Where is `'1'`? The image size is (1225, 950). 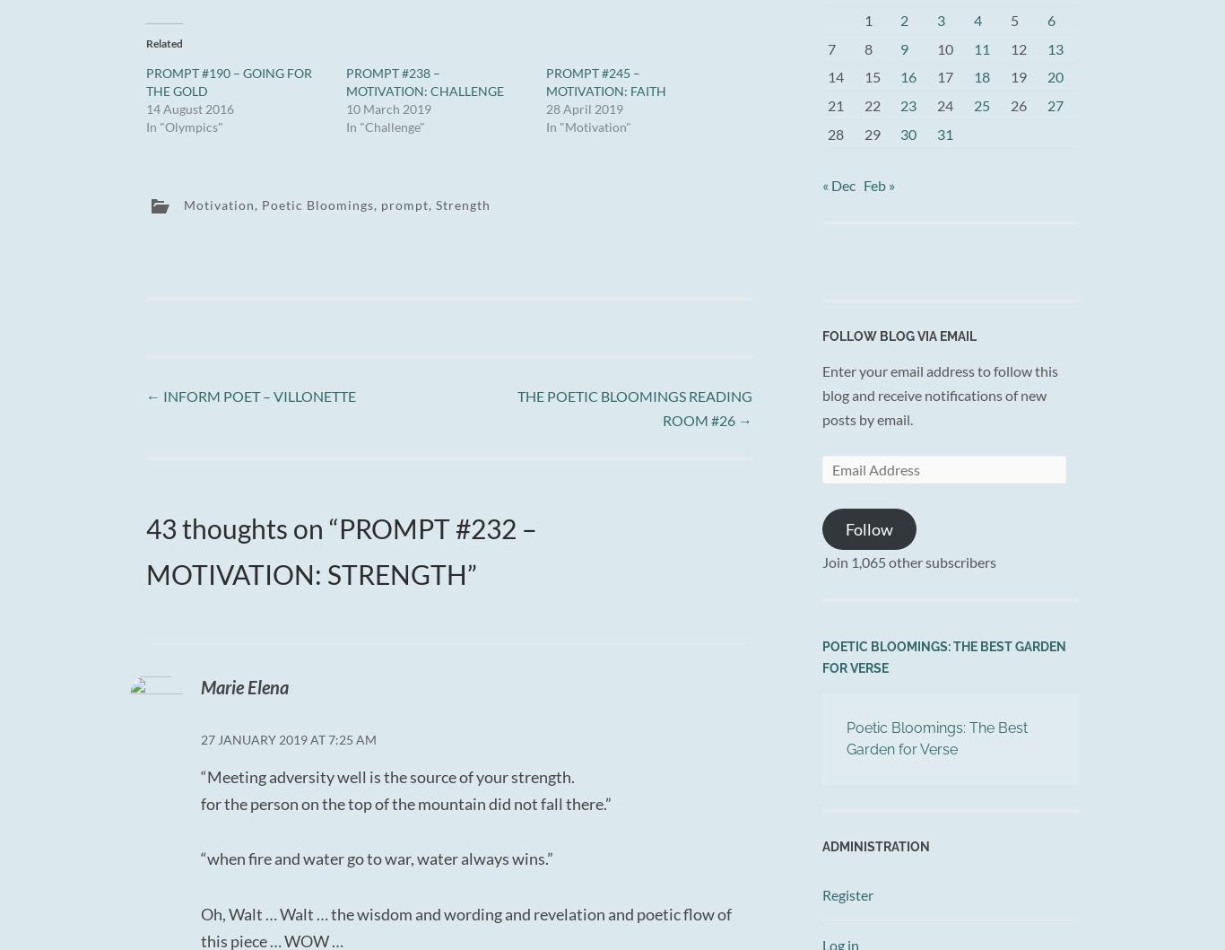 '1' is located at coordinates (864, 20).